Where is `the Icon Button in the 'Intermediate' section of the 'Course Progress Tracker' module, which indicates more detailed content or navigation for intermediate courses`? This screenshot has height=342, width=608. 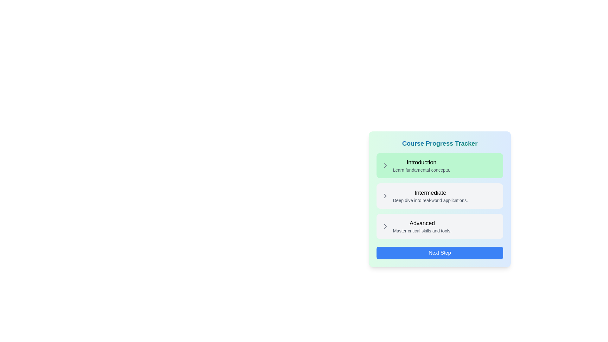
the Icon Button in the 'Intermediate' section of the 'Course Progress Tracker' module, which indicates more detailed content or navigation for intermediate courses is located at coordinates (385, 195).